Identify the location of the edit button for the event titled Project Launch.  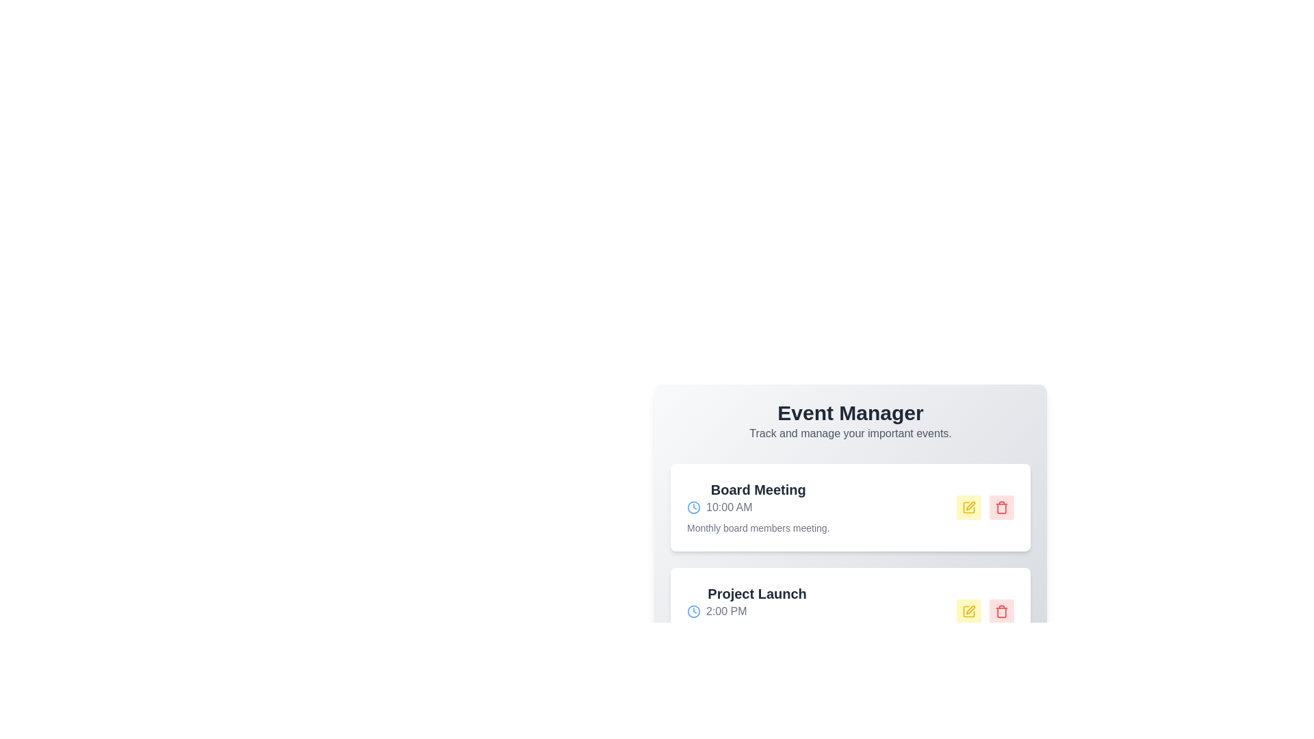
(968, 611).